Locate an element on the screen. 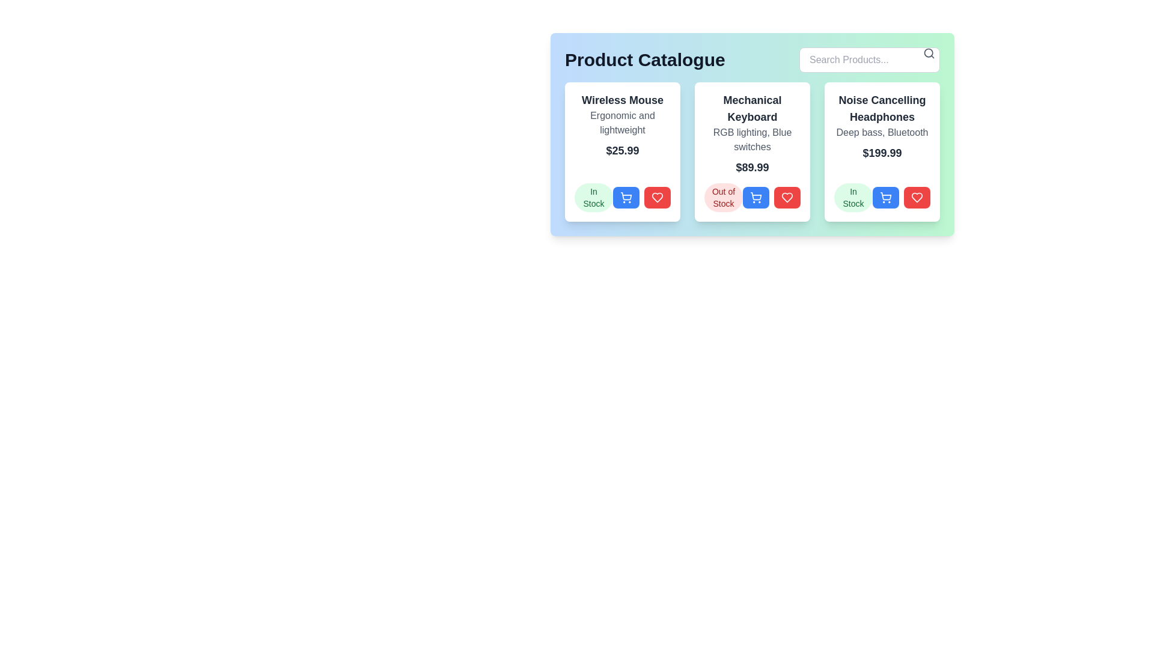 This screenshot has width=1154, height=649. the favorite button located at the bottom-right corner of the 'Mechanical Keyboard' product card is located at coordinates (787, 197).